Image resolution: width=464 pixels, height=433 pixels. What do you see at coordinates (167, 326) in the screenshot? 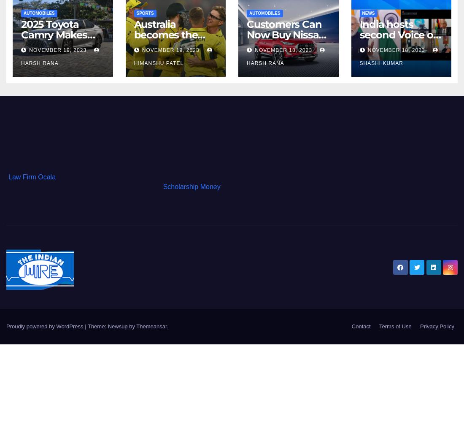
I see `'.'` at bounding box center [167, 326].